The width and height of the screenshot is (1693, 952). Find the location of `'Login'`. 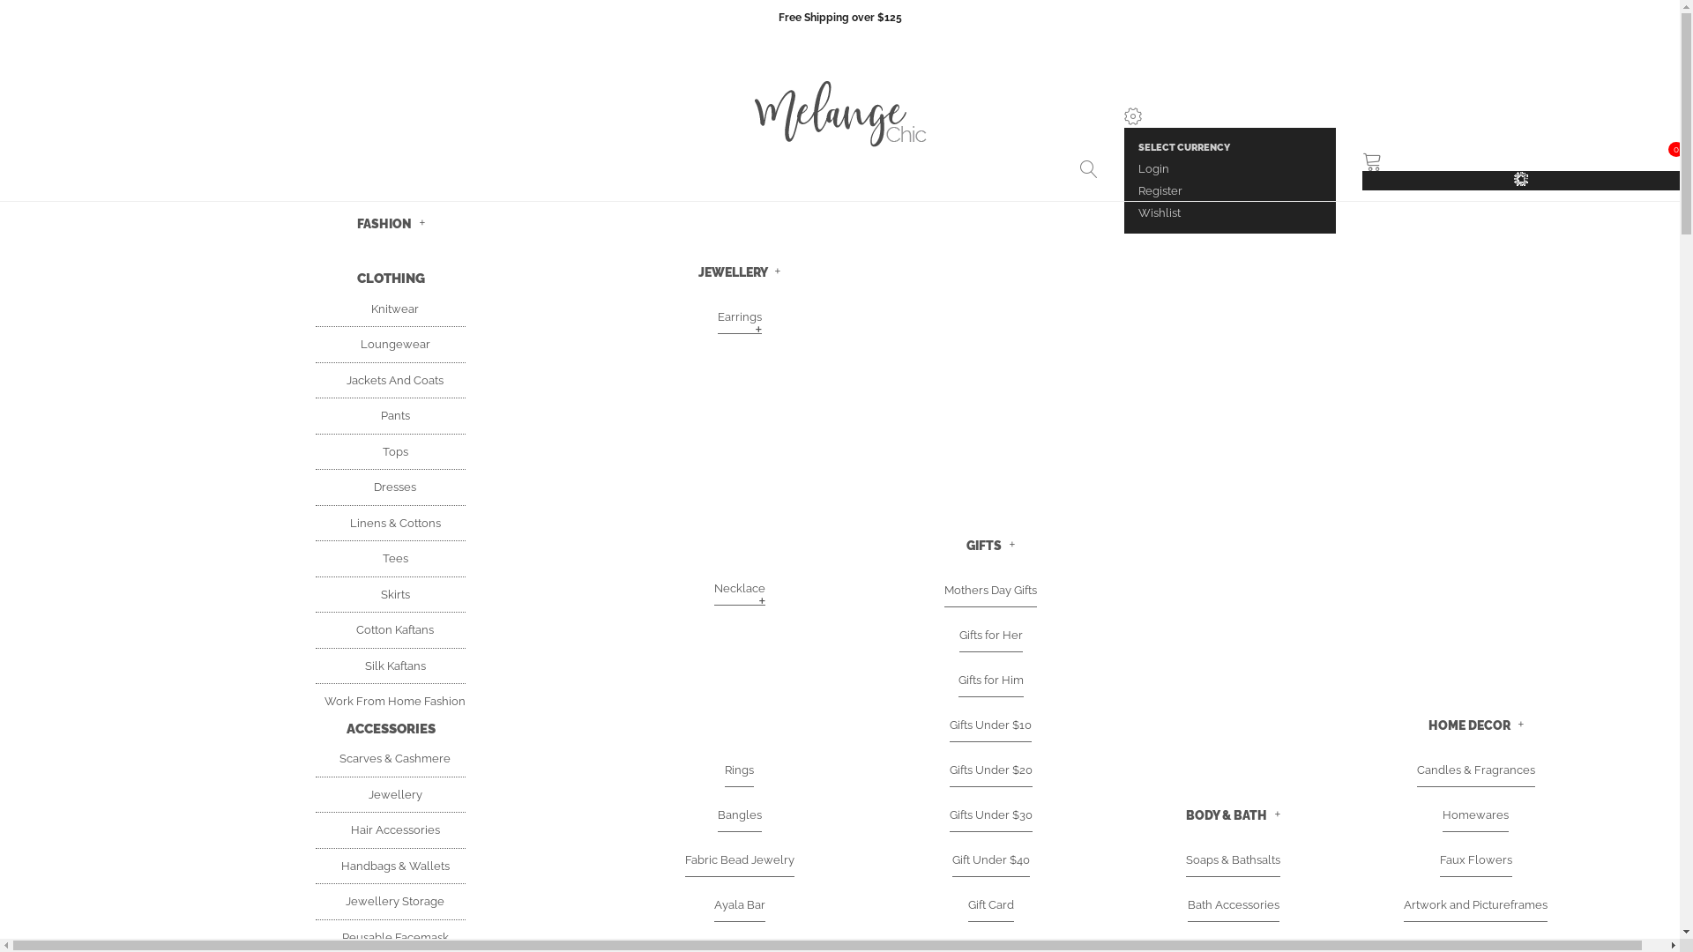

'Login' is located at coordinates (1153, 168).